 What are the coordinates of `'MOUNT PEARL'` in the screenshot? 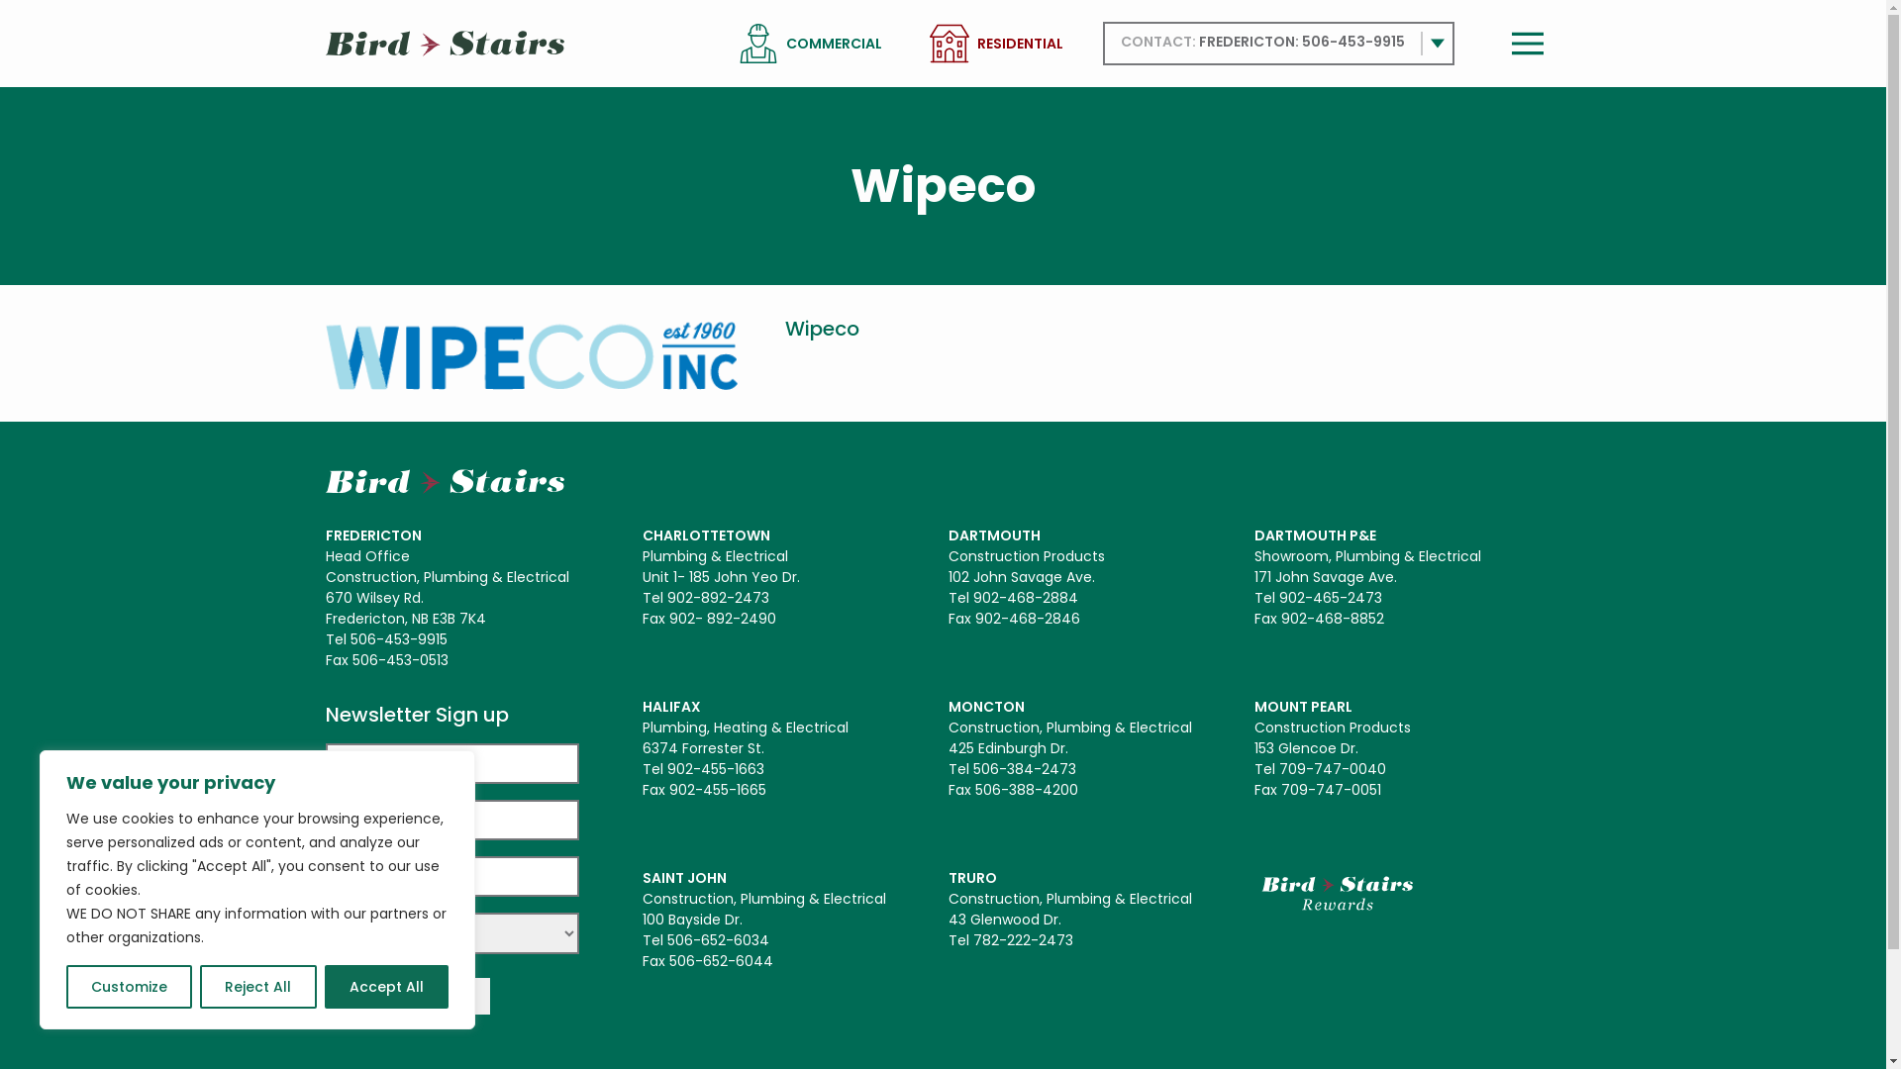 It's located at (1303, 705).